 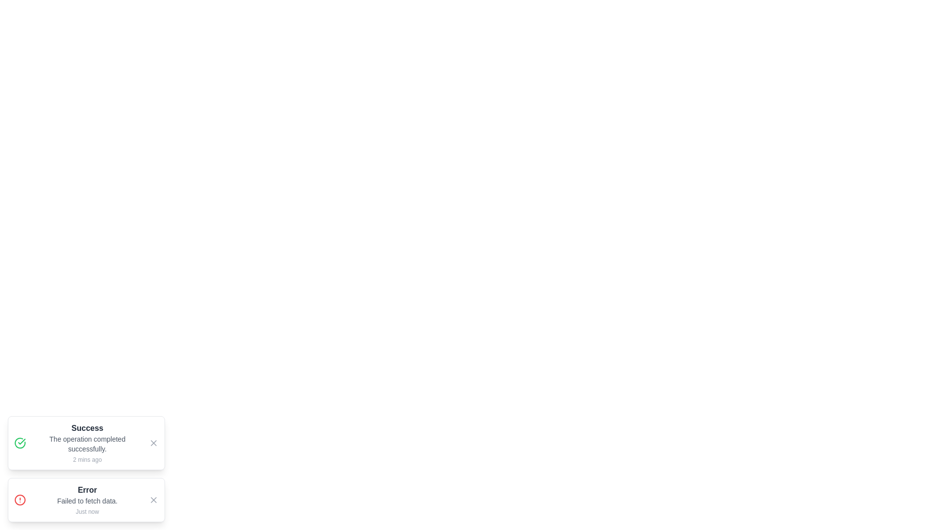 What do you see at coordinates (86, 500) in the screenshot?
I see `the close (X) button on the notification box with the message 'Error' and 'Failed to fetch data.'` at bounding box center [86, 500].